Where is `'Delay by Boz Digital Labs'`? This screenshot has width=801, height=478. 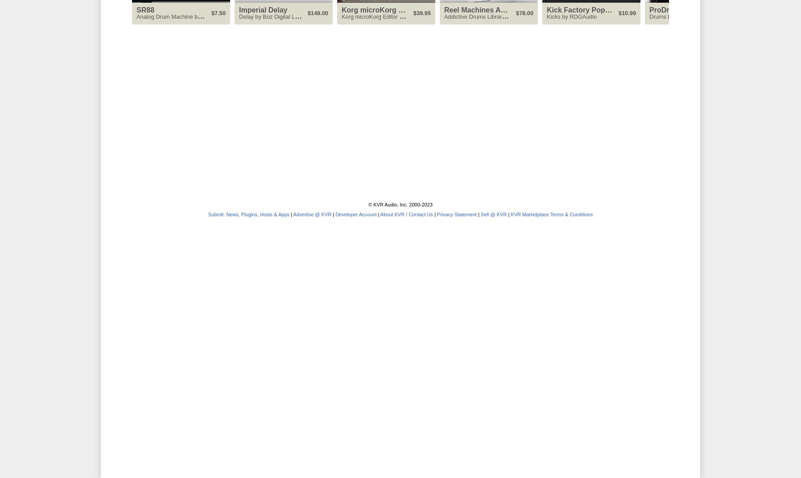
'Delay by Boz Digital Labs' is located at coordinates (271, 16).